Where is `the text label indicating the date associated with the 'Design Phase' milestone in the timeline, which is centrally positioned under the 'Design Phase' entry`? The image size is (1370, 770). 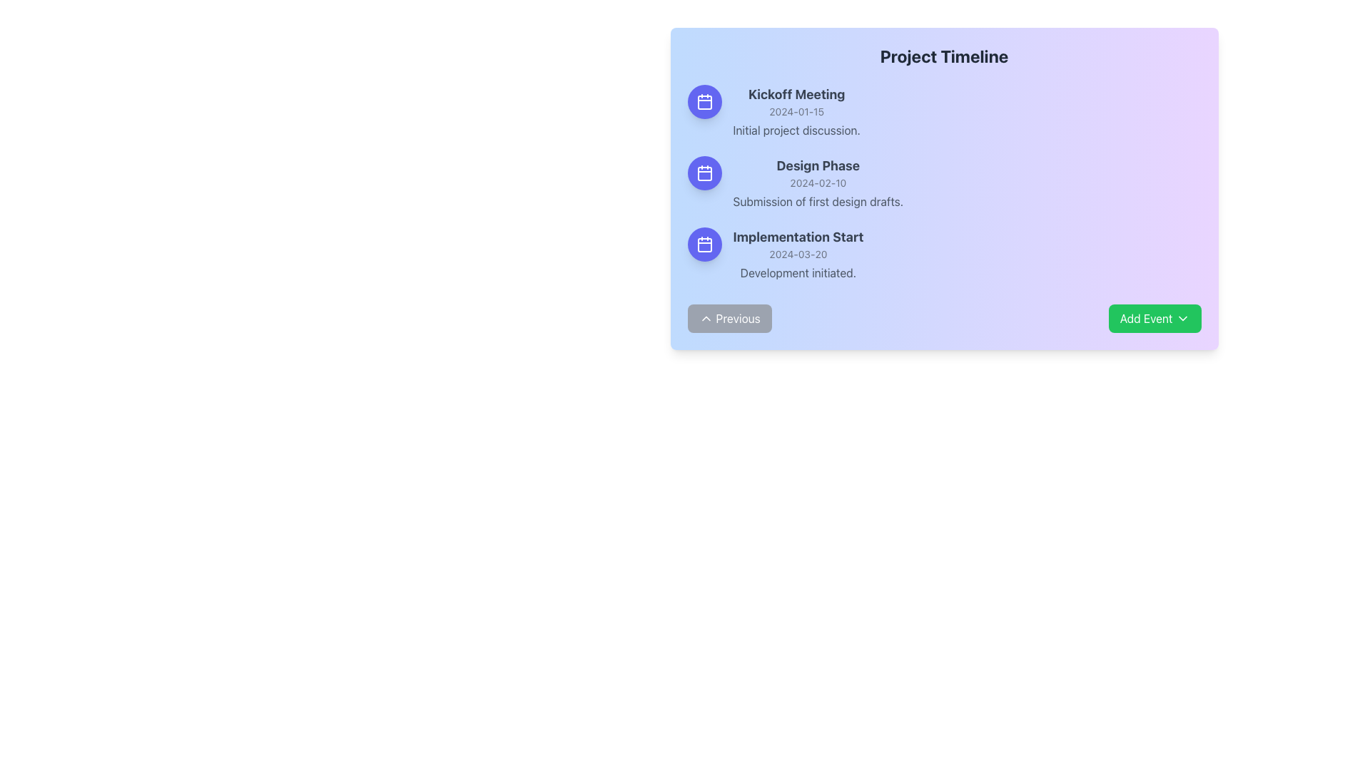 the text label indicating the date associated with the 'Design Phase' milestone in the timeline, which is centrally positioned under the 'Design Phase' entry is located at coordinates (818, 183).